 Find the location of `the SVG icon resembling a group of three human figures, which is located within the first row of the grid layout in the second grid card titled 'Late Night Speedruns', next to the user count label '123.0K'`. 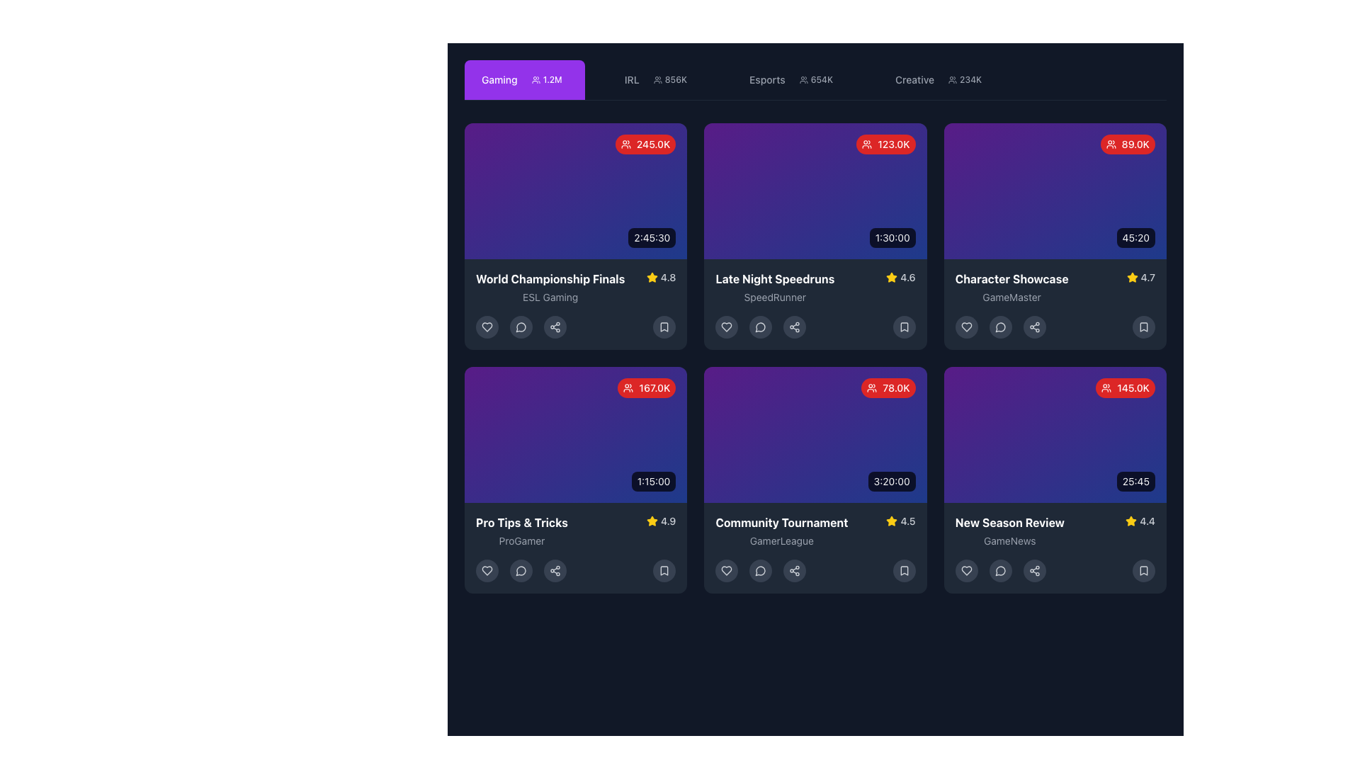

the SVG icon resembling a group of three human figures, which is located within the first row of the grid layout in the second grid card titled 'Late Night Speedruns', next to the user count label '123.0K' is located at coordinates (866, 144).